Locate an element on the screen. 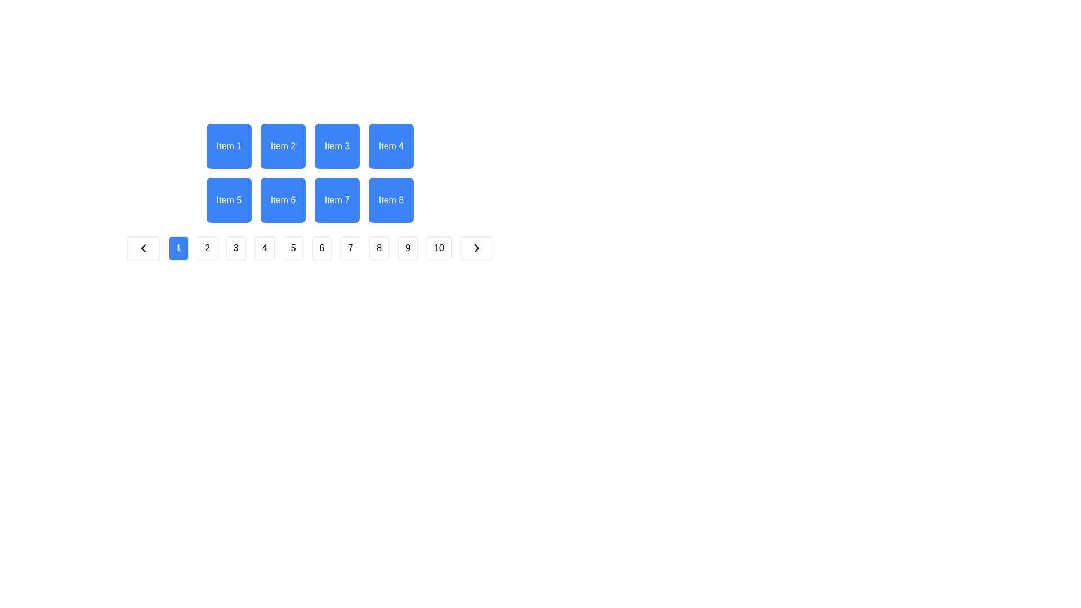 The height and width of the screenshot is (608, 1081). the button labeled '2' located in the pagination control section at the bottom-center of the interface is located at coordinates (207, 247).